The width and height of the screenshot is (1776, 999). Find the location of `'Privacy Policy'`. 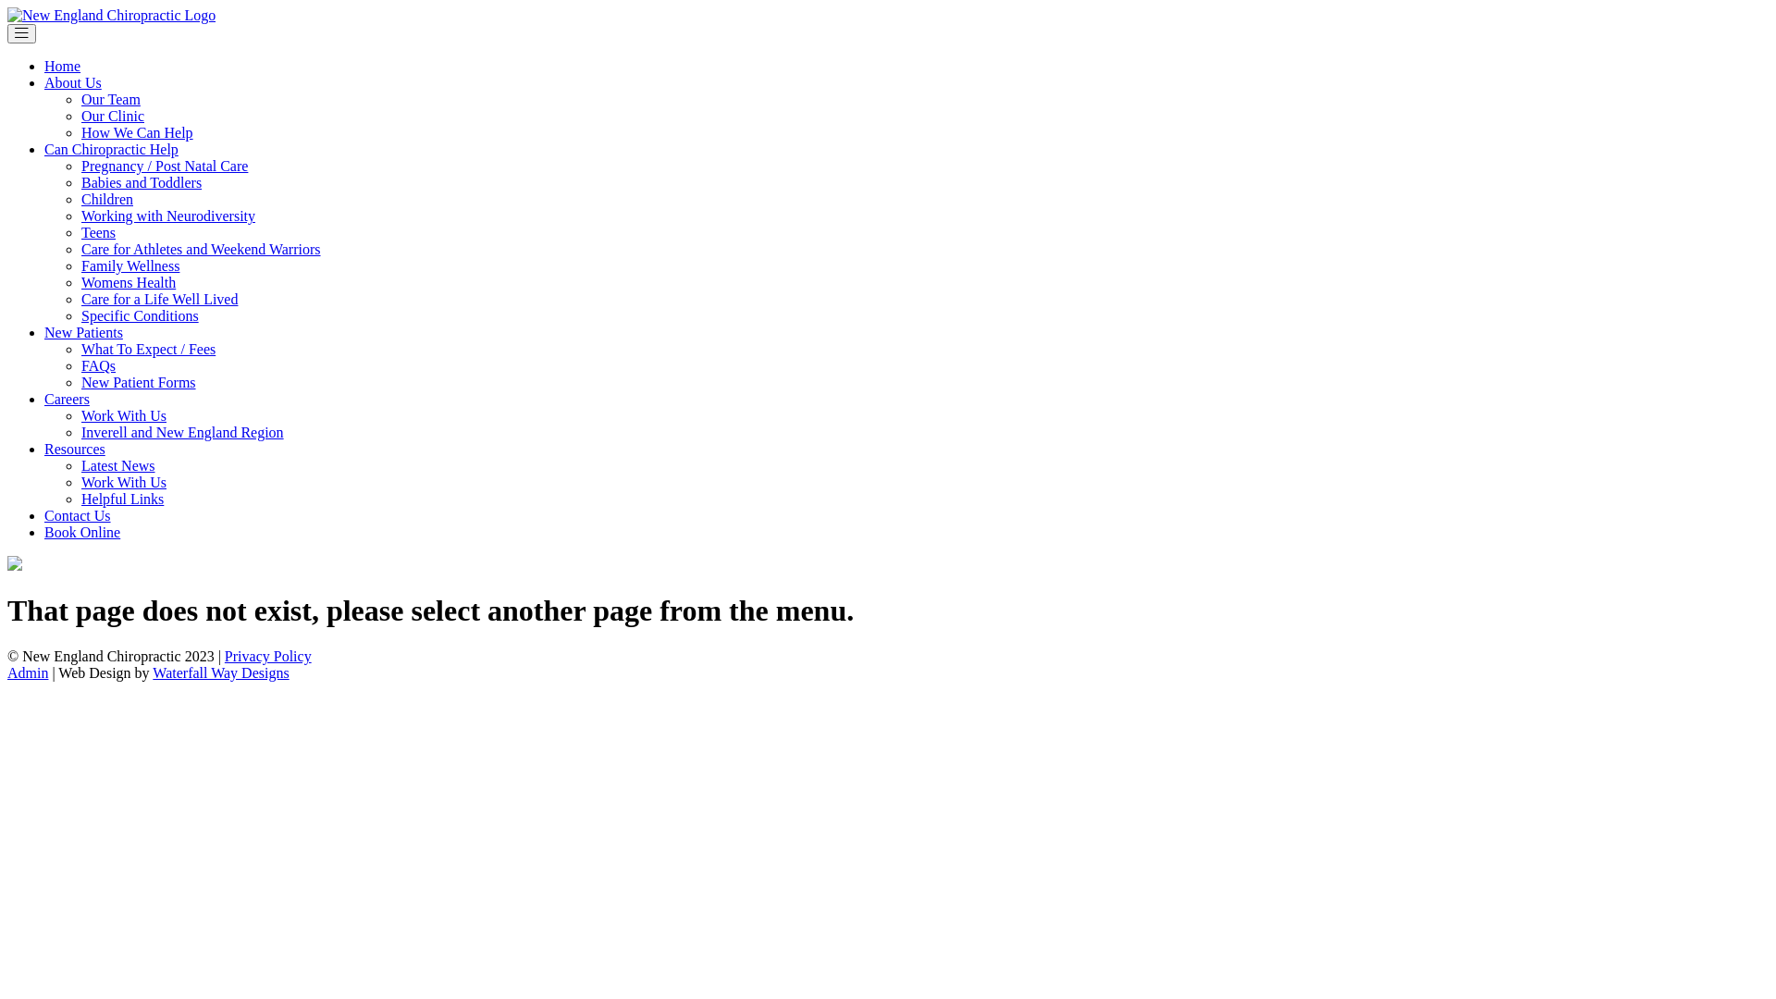

'Privacy Policy' is located at coordinates (266, 655).